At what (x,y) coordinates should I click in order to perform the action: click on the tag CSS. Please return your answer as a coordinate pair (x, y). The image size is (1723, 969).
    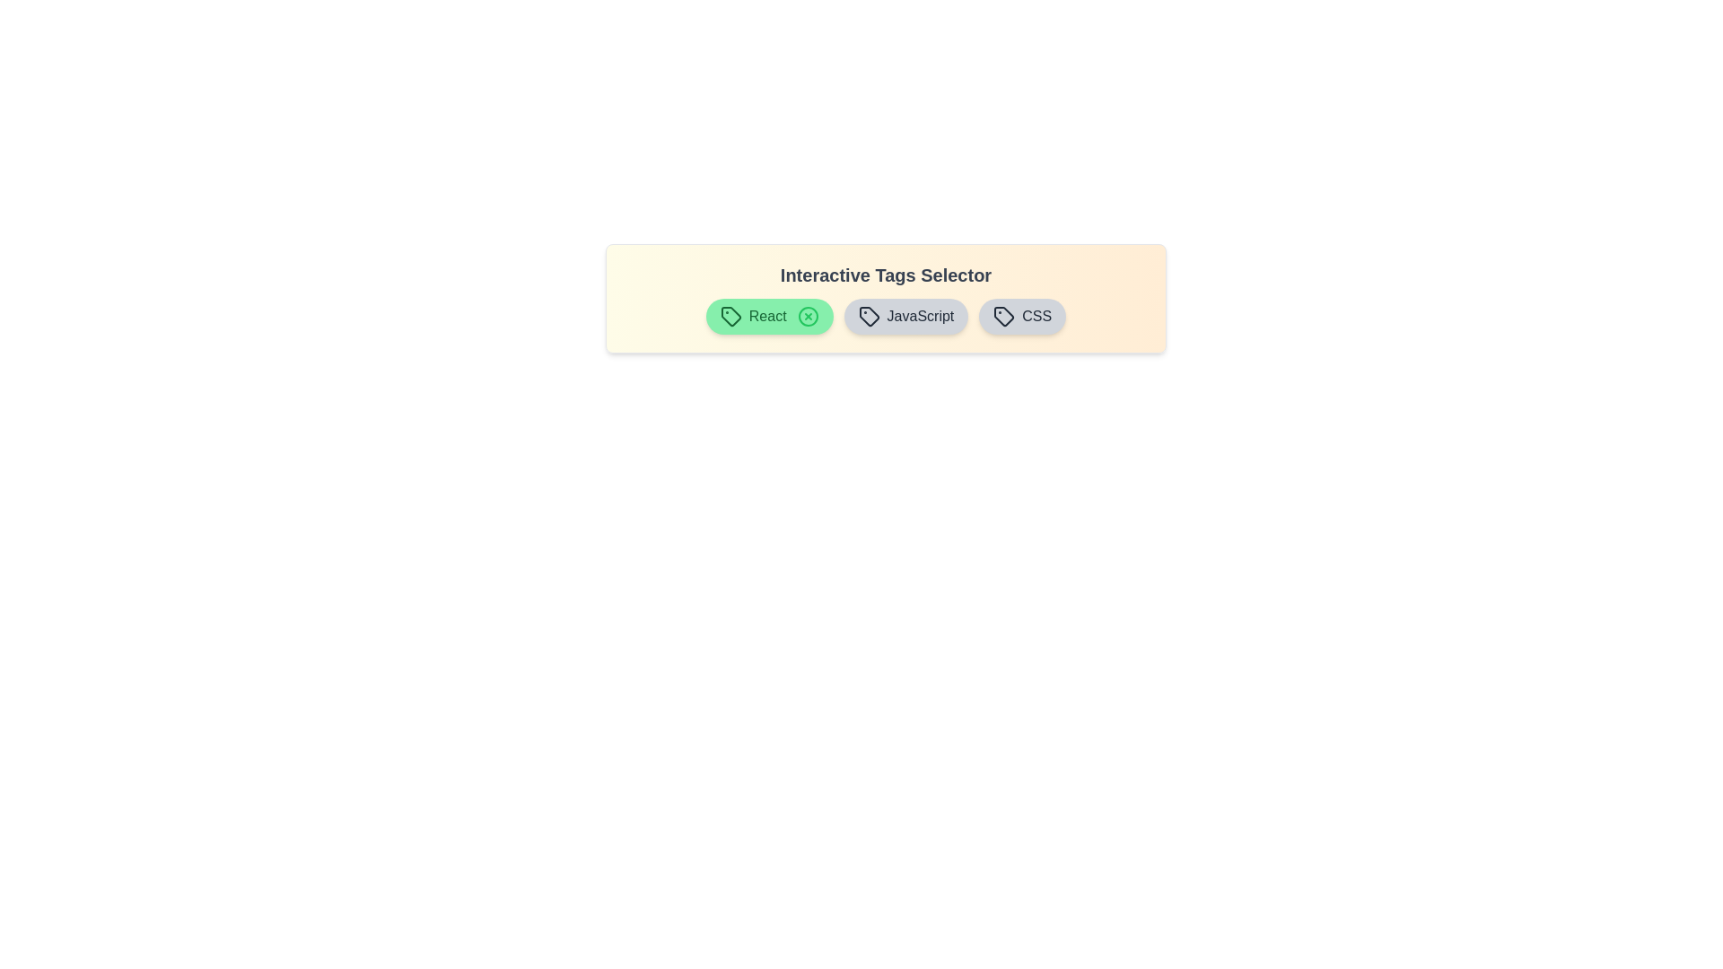
    Looking at the image, I should click on (1022, 316).